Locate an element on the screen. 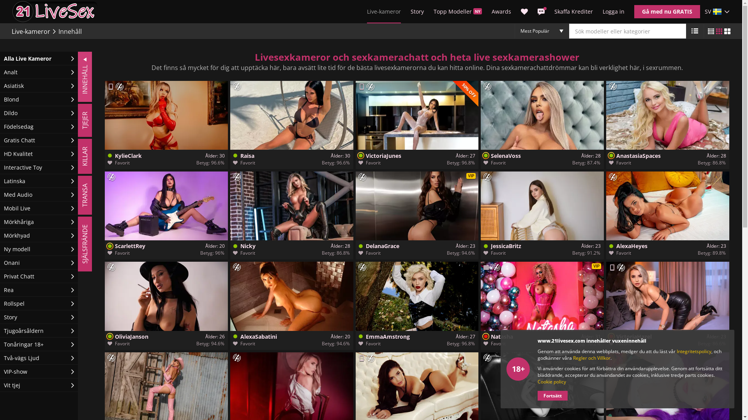  'Live-kameror' is located at coordinates (31, 31).